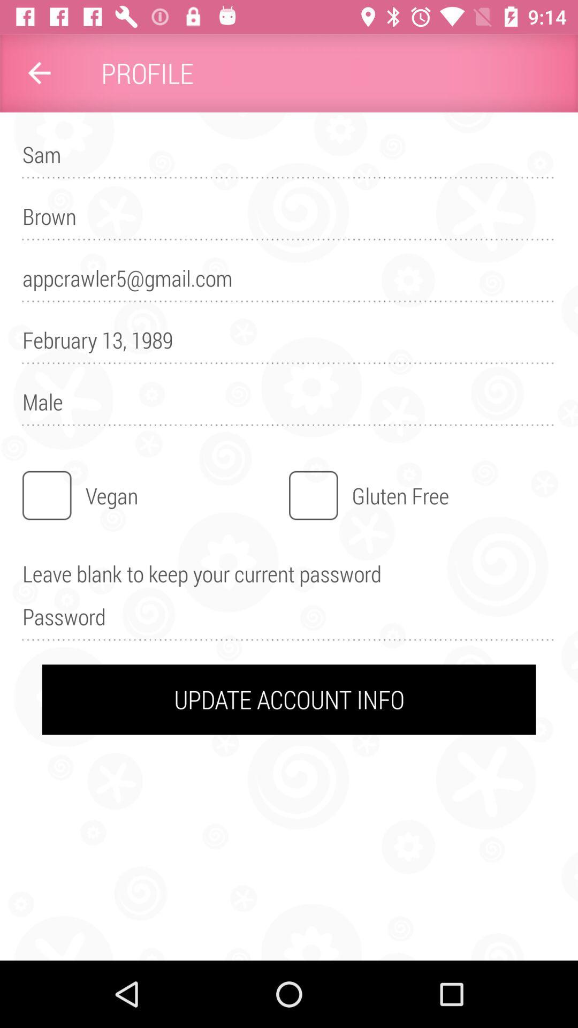  I want to click on the icon above the brown icon, so click(289, 159).